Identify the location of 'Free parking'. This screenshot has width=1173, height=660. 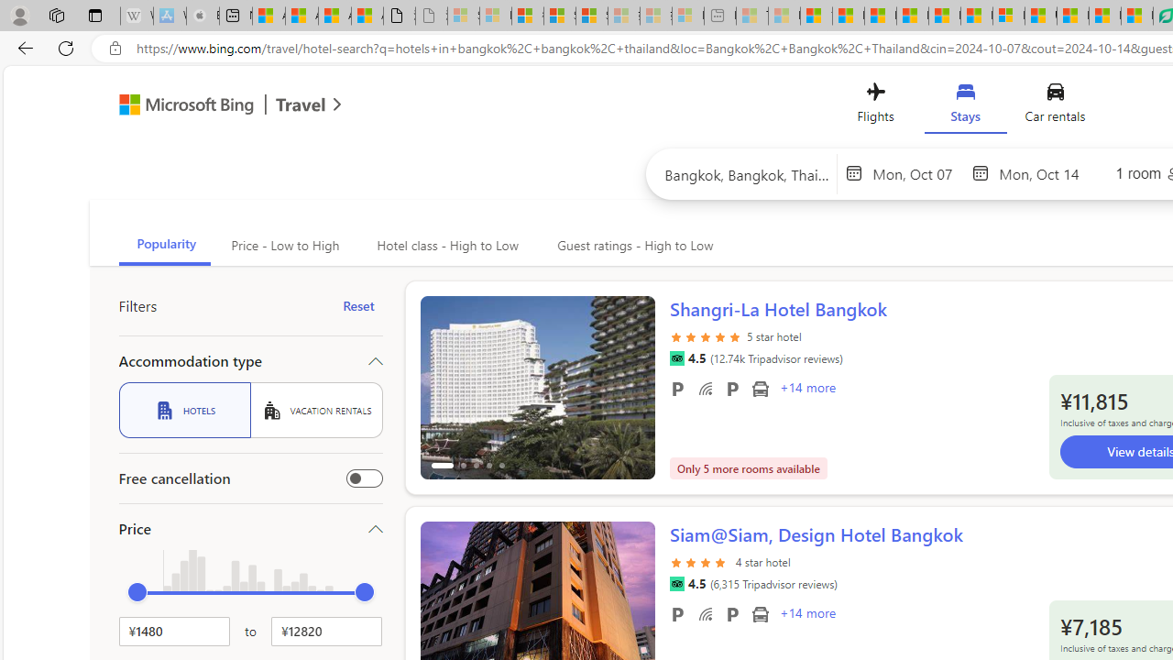
(676, 613).